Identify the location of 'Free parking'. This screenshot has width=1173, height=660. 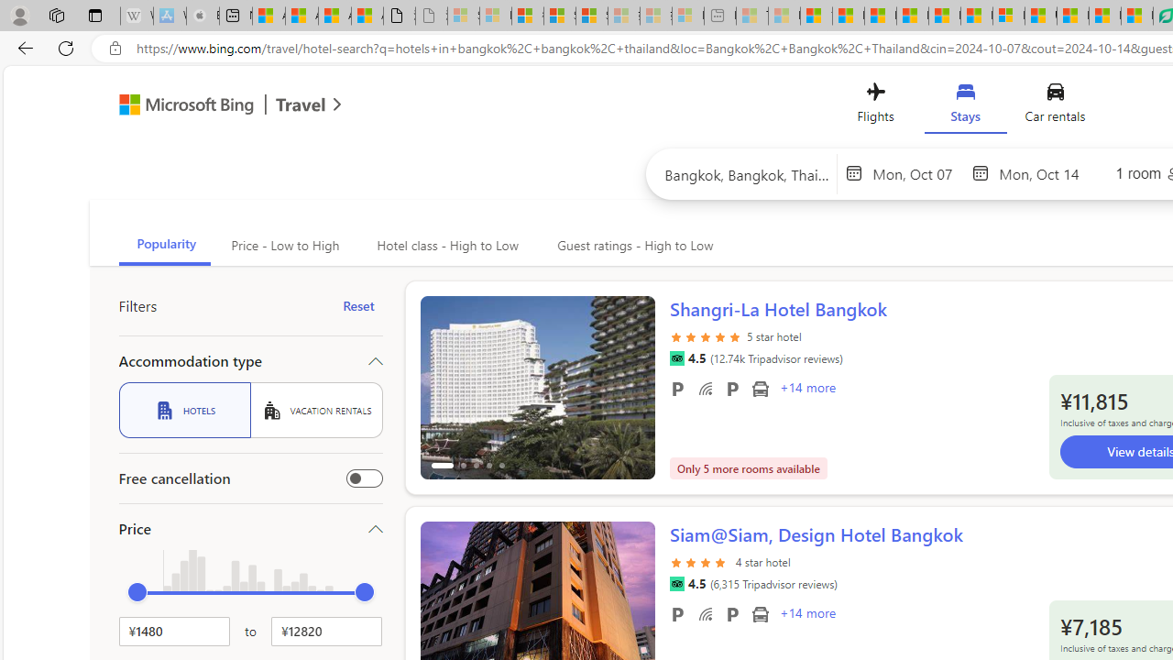
(676, 613).